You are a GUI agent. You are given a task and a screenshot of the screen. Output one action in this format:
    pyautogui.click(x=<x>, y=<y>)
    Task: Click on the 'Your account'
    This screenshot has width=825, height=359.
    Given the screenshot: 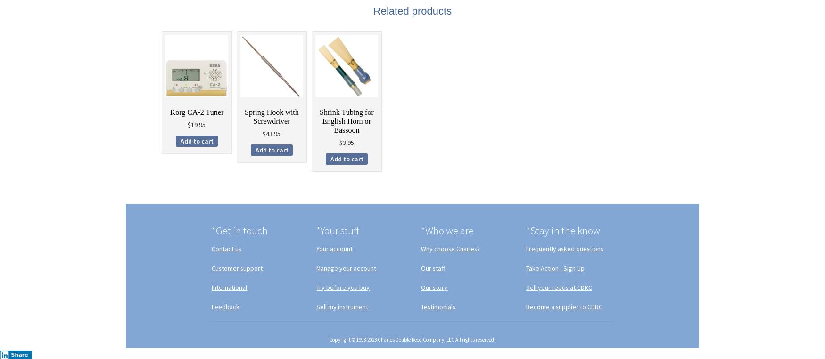 What is the action you would take?
    pyautogui.click(x=315, y=248)
    